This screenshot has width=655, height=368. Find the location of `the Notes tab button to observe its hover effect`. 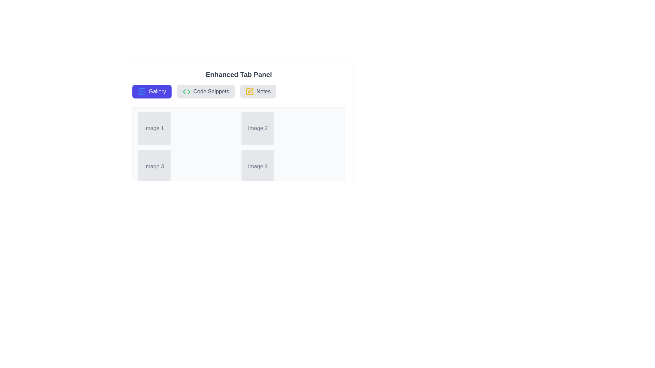

the Notes tab button to observe its hover effect is located at coordinates (257, 91).